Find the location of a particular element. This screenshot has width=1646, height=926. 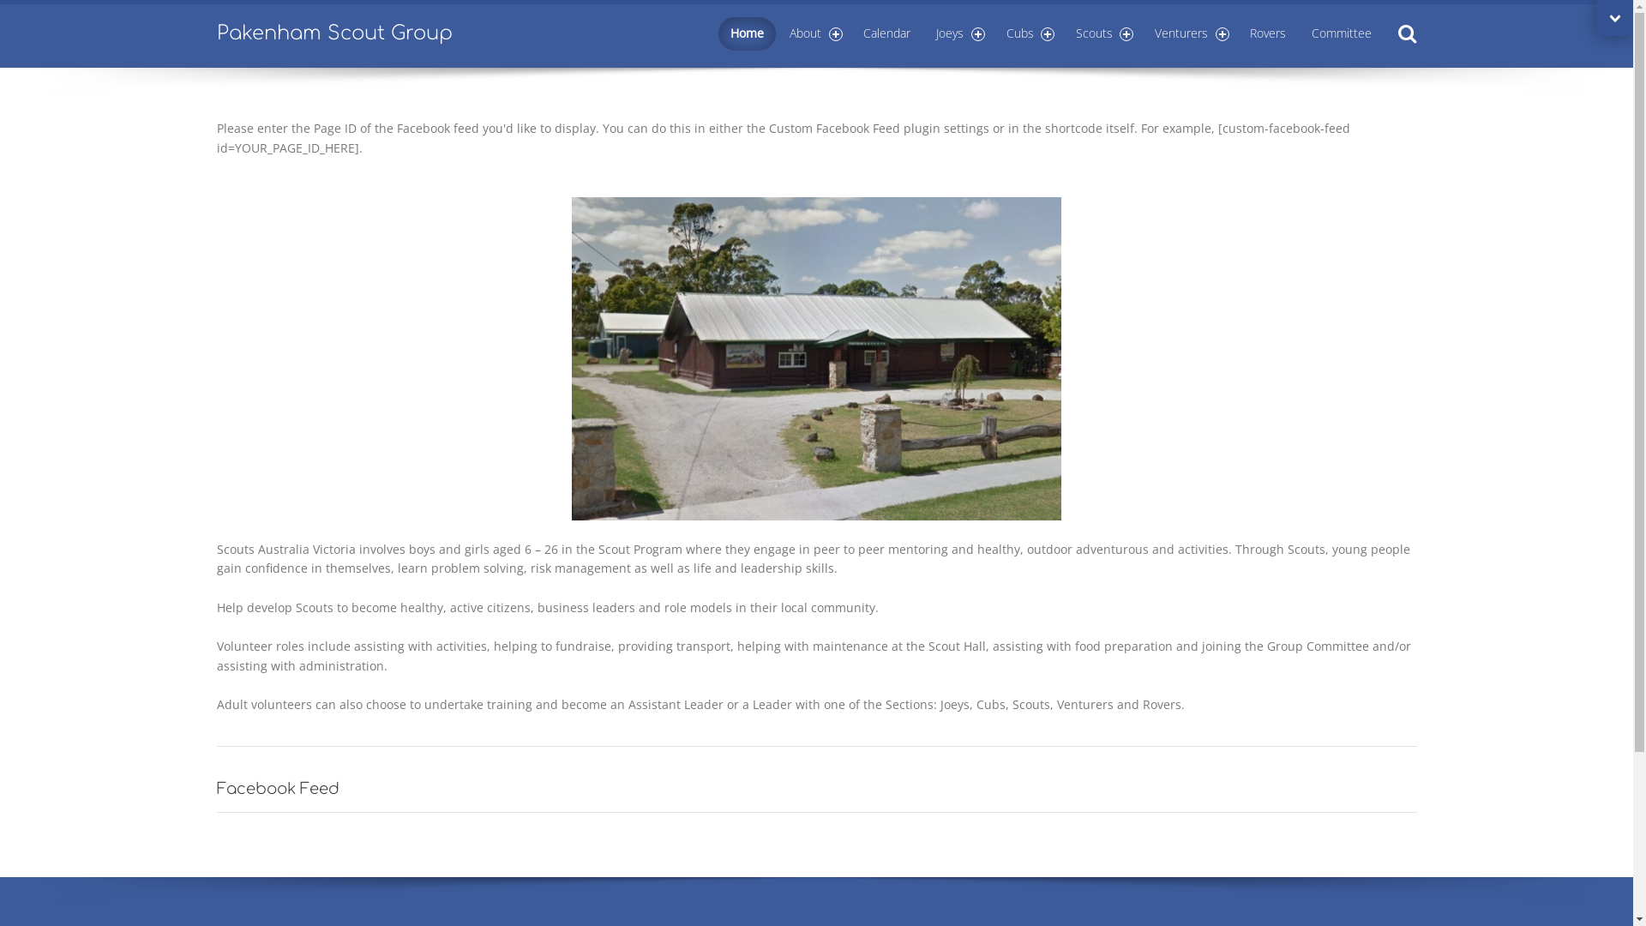

'Search' is located at coordinates (1406, 33).